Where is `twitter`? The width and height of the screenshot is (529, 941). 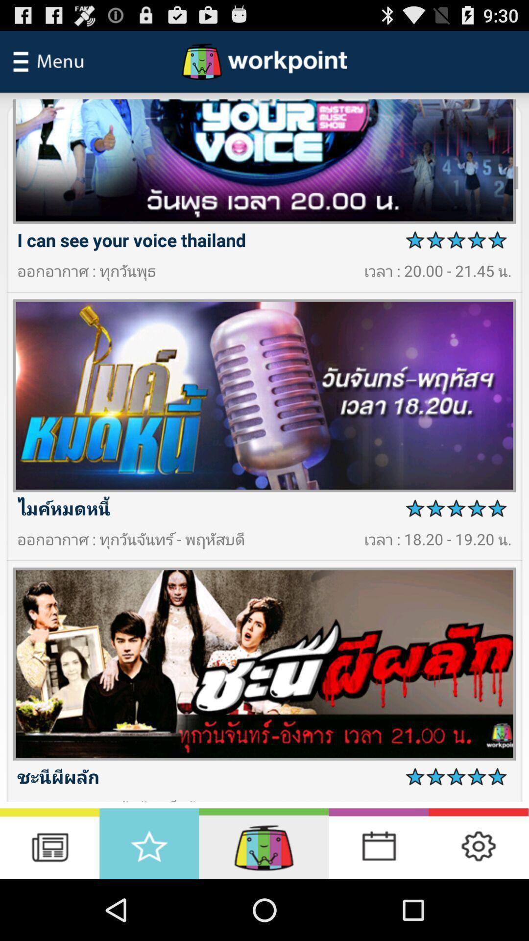 twitter is located at coordinates (478, 843).